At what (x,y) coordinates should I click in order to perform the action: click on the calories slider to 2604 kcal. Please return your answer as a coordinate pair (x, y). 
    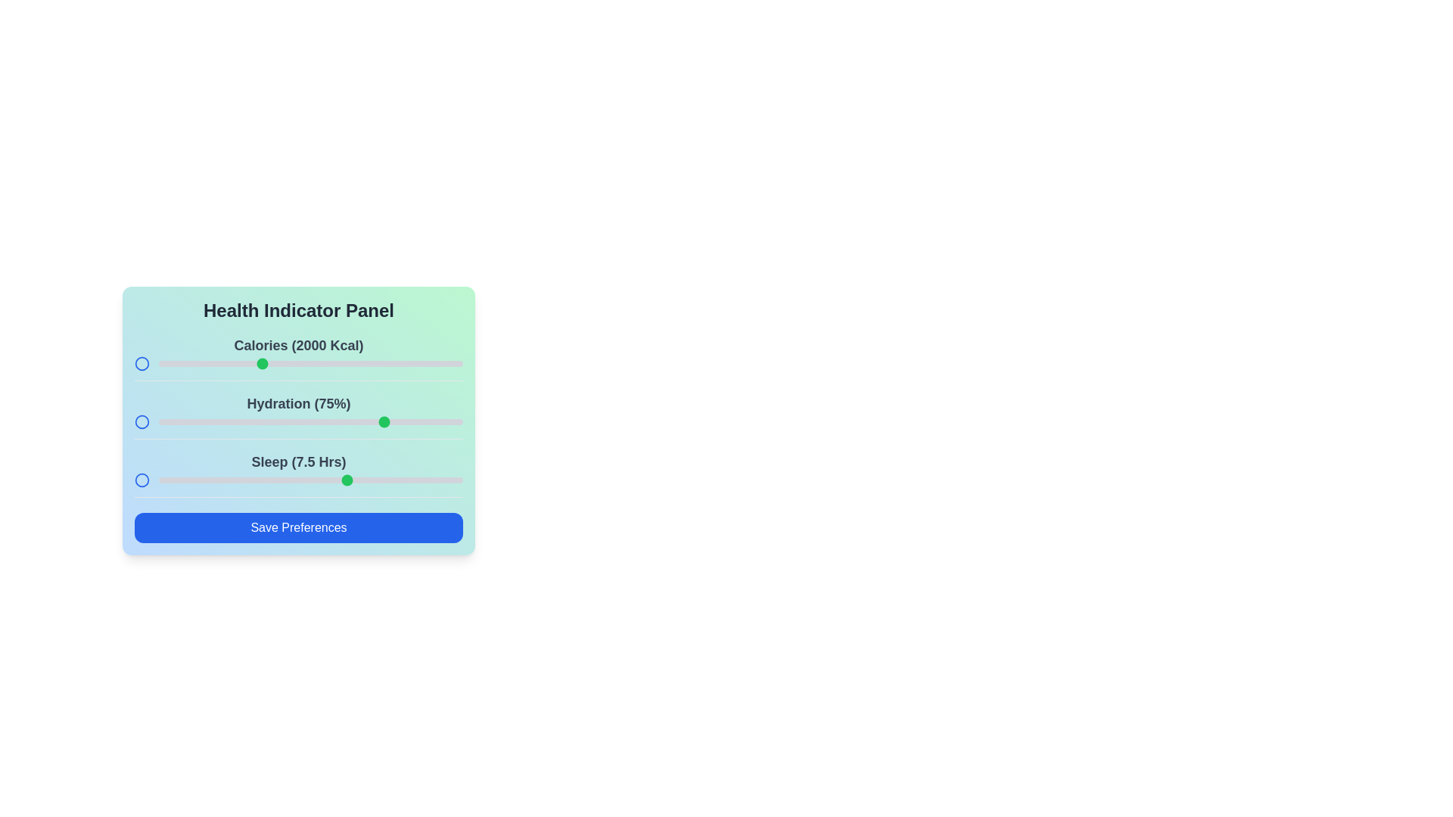
    Looking at the image, I should click on (382, 364).